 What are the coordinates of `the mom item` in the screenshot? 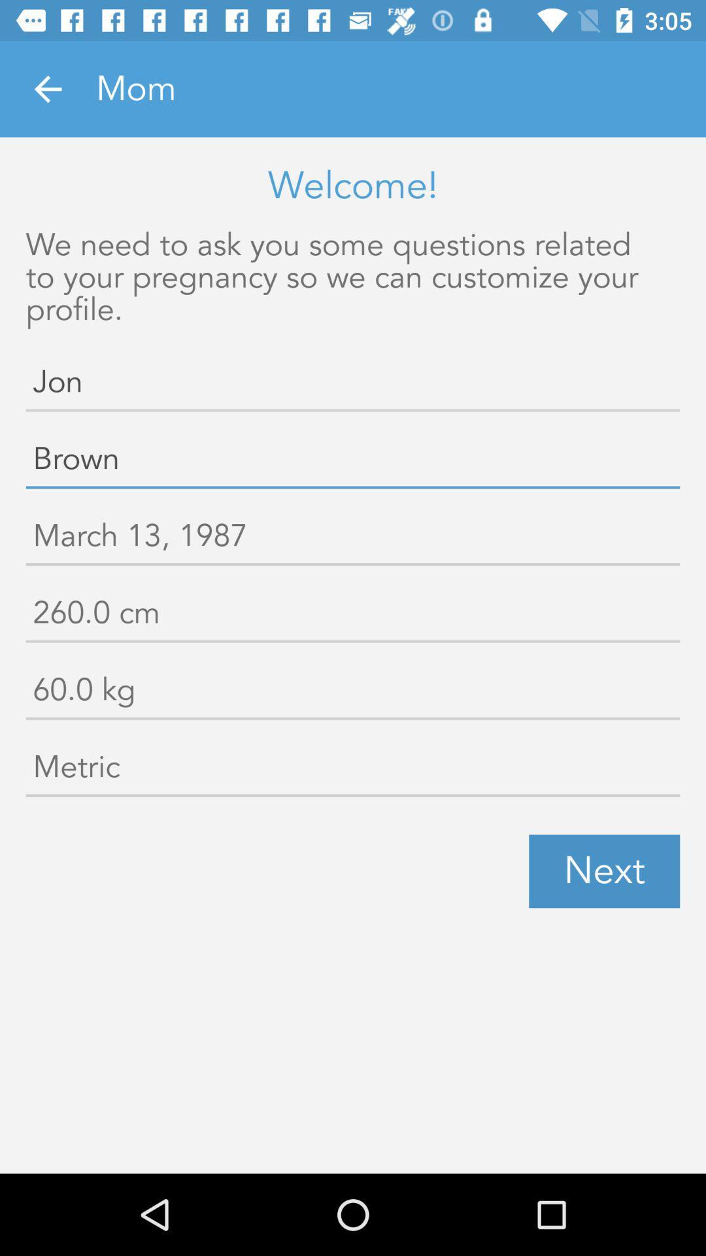 It's located at (400, 88).